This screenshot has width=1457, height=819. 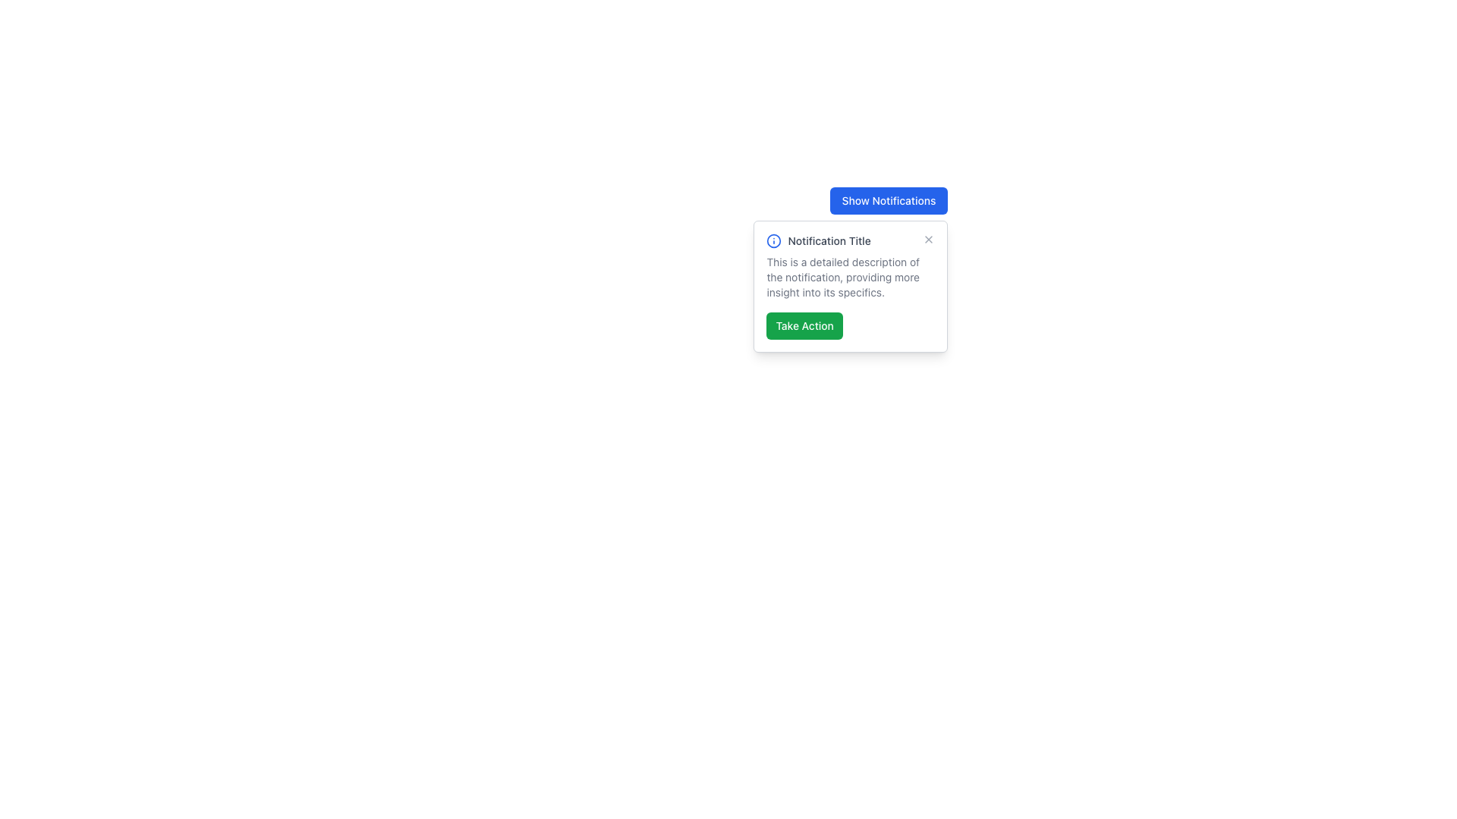 I want to click on the small square button with a thin cross ('X') design in the top-right corner of the notification card, so click(x=928, y=239).